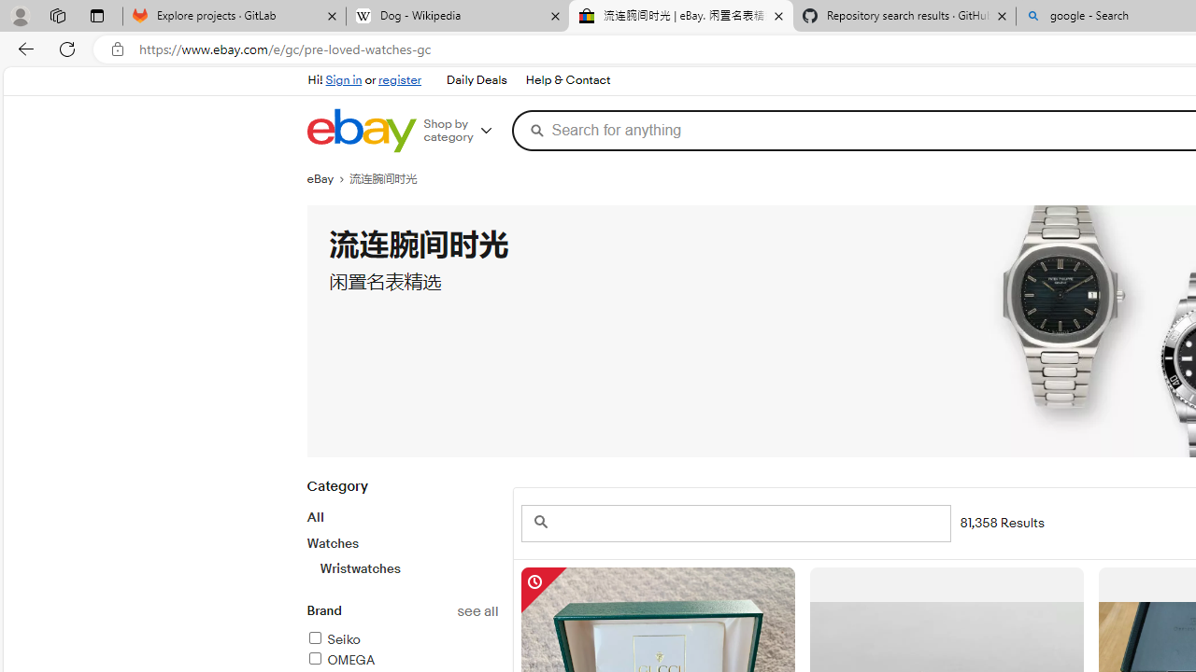  What do you see at coordinates (567, 80) in the screenshot?
I see `'Help & Contact'` at bounding box center [567, 80].